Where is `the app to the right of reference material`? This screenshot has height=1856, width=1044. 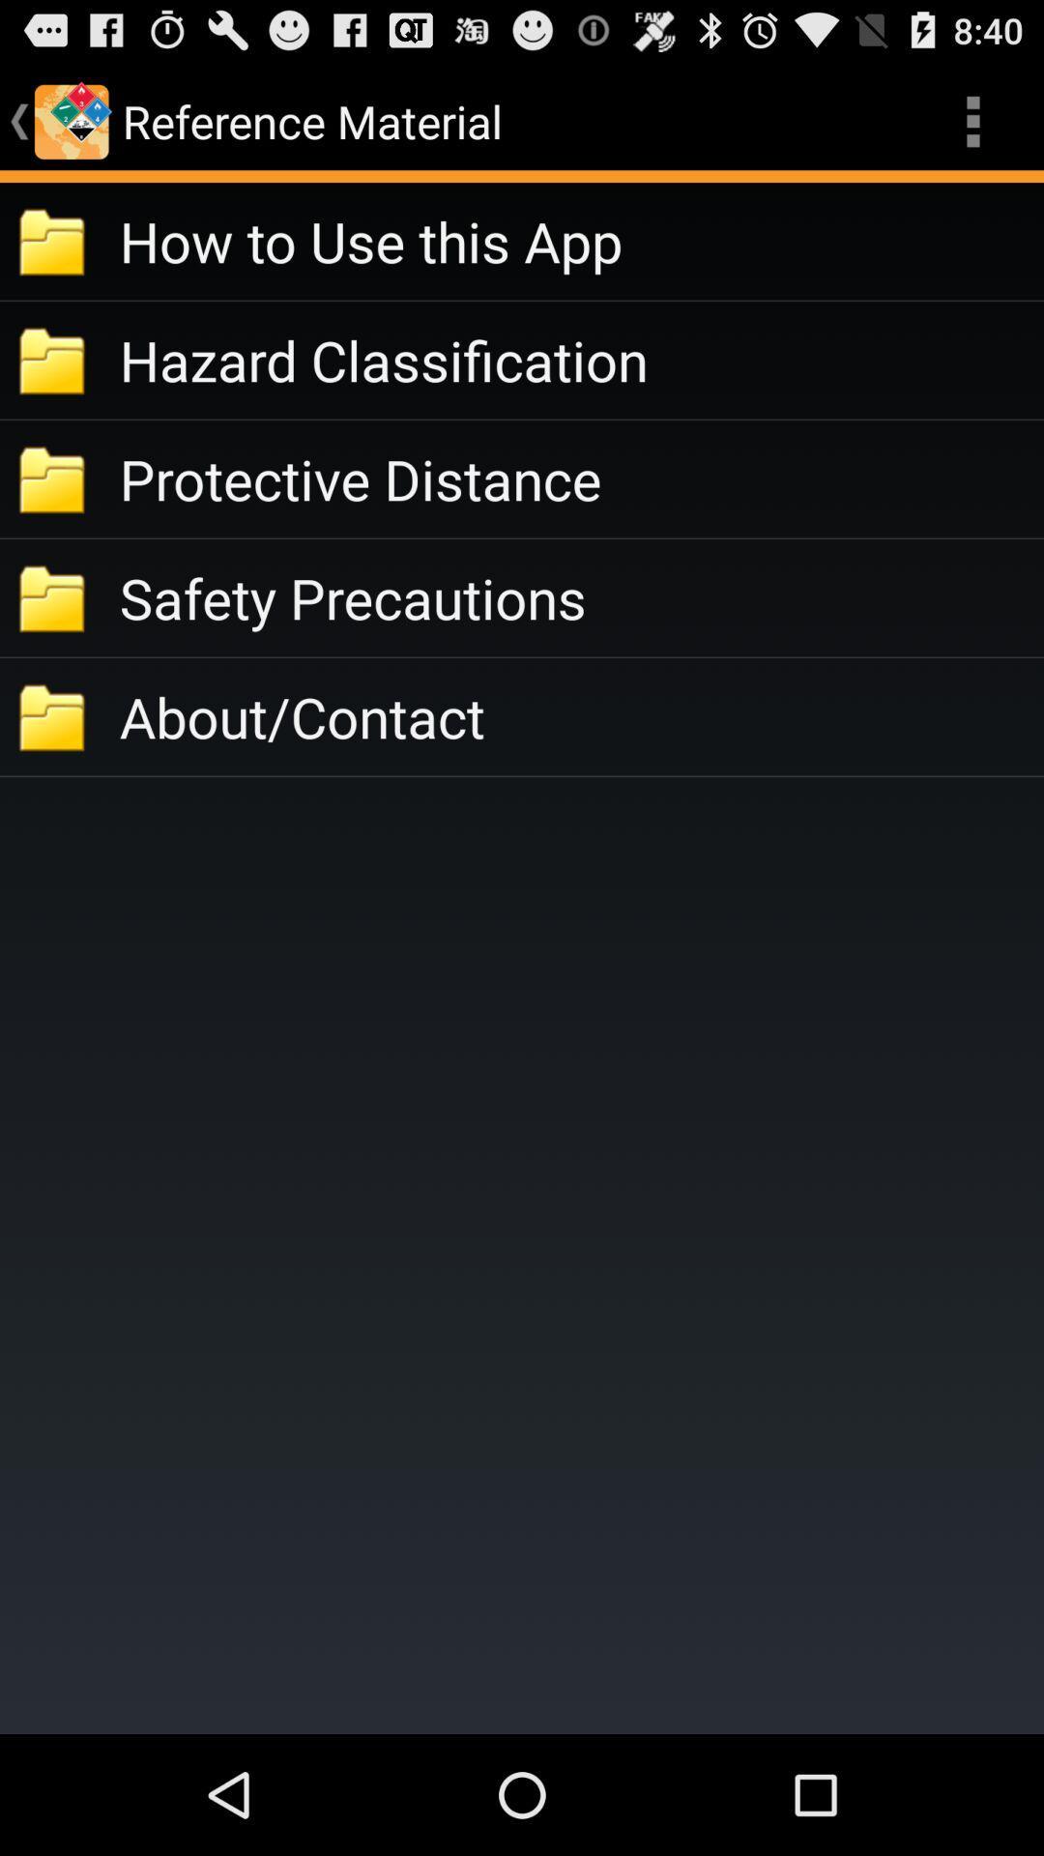
the app to the right of reference material is located at coordinates (972, 120).